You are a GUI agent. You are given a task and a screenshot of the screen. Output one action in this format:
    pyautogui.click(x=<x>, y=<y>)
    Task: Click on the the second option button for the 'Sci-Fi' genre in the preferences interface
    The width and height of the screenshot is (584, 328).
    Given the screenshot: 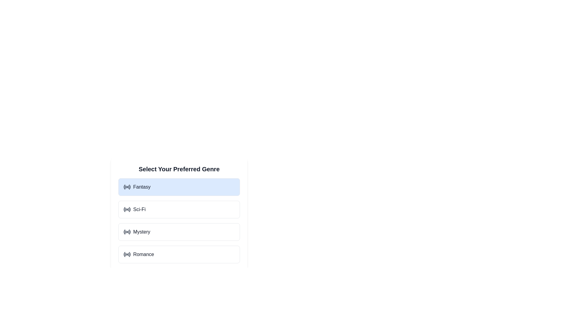 What is the action you would take?
    pyautogui.click(x=179, y=209)
    